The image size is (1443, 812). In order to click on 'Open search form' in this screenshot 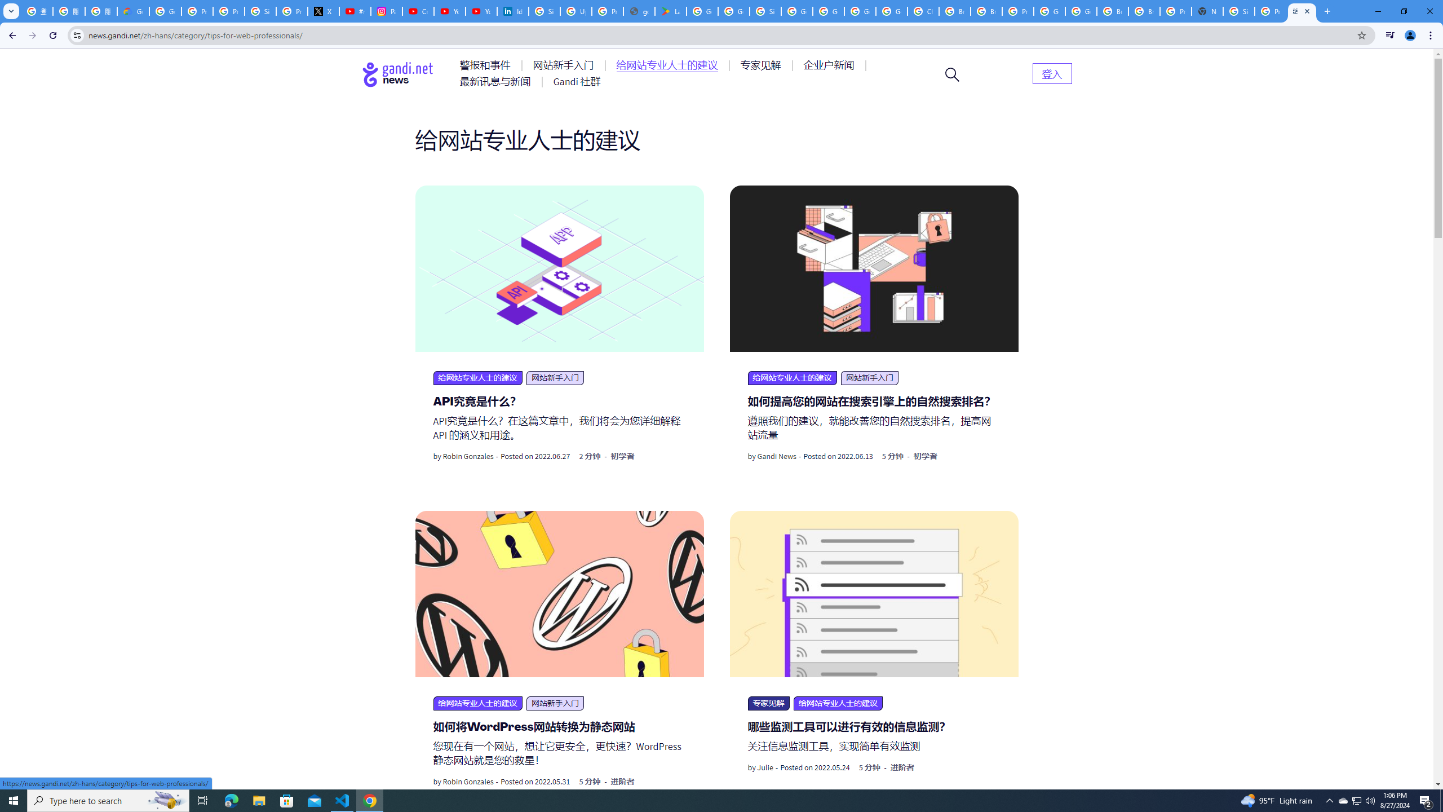, I will do `click(951, 73)`.